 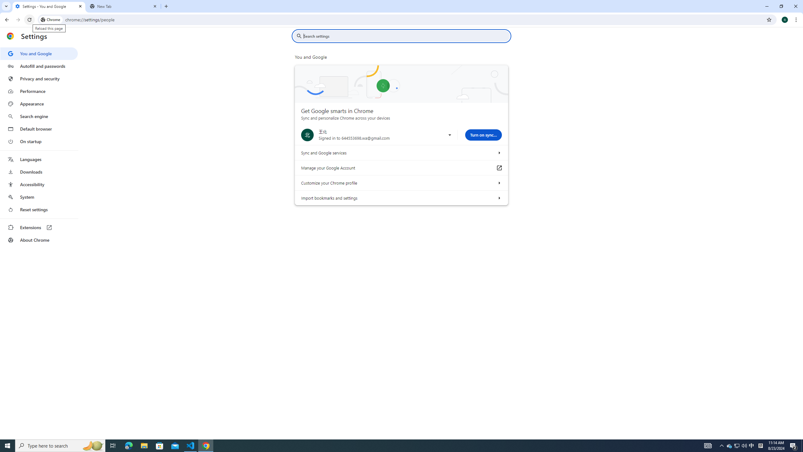 I want to click on 'AutomationID: menu', so click(x=39, y=147).